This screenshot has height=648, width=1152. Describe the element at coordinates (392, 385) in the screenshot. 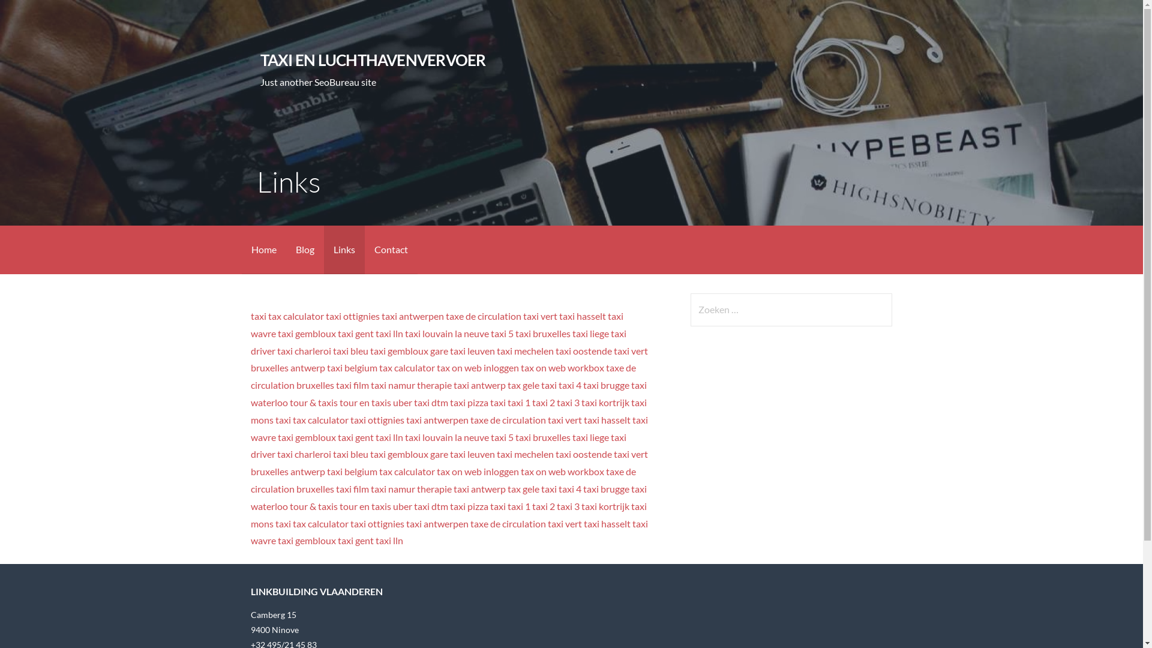

I see `'taxi namur'` at that location.